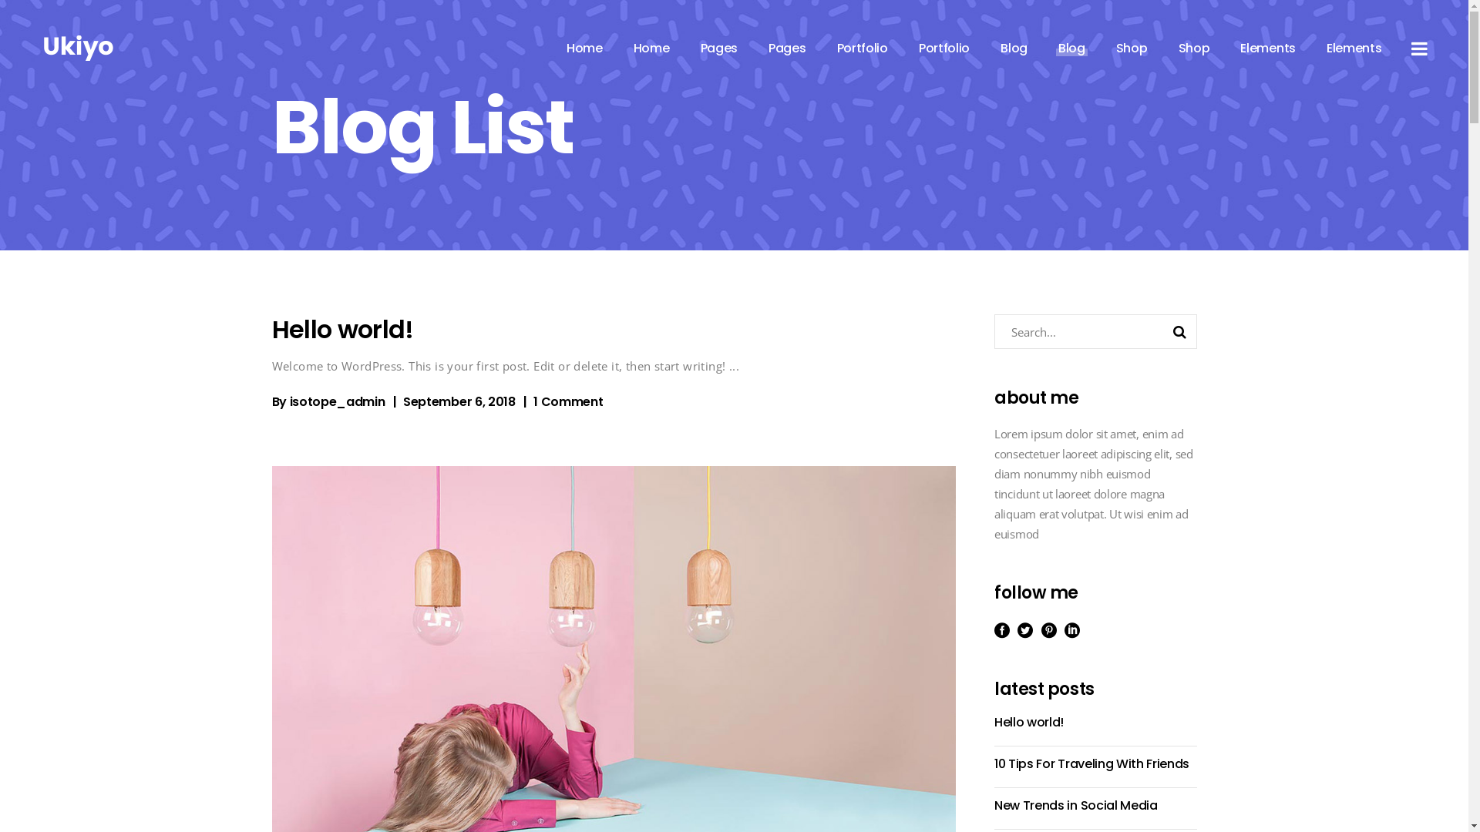 Image resolution: width=1480 pixels, height=832 pixels. What do you see at coordinates (994, 763) in the screenshot?
I see `'10 Tips For Traveling With Friends'` at bounding box center [994, 763].